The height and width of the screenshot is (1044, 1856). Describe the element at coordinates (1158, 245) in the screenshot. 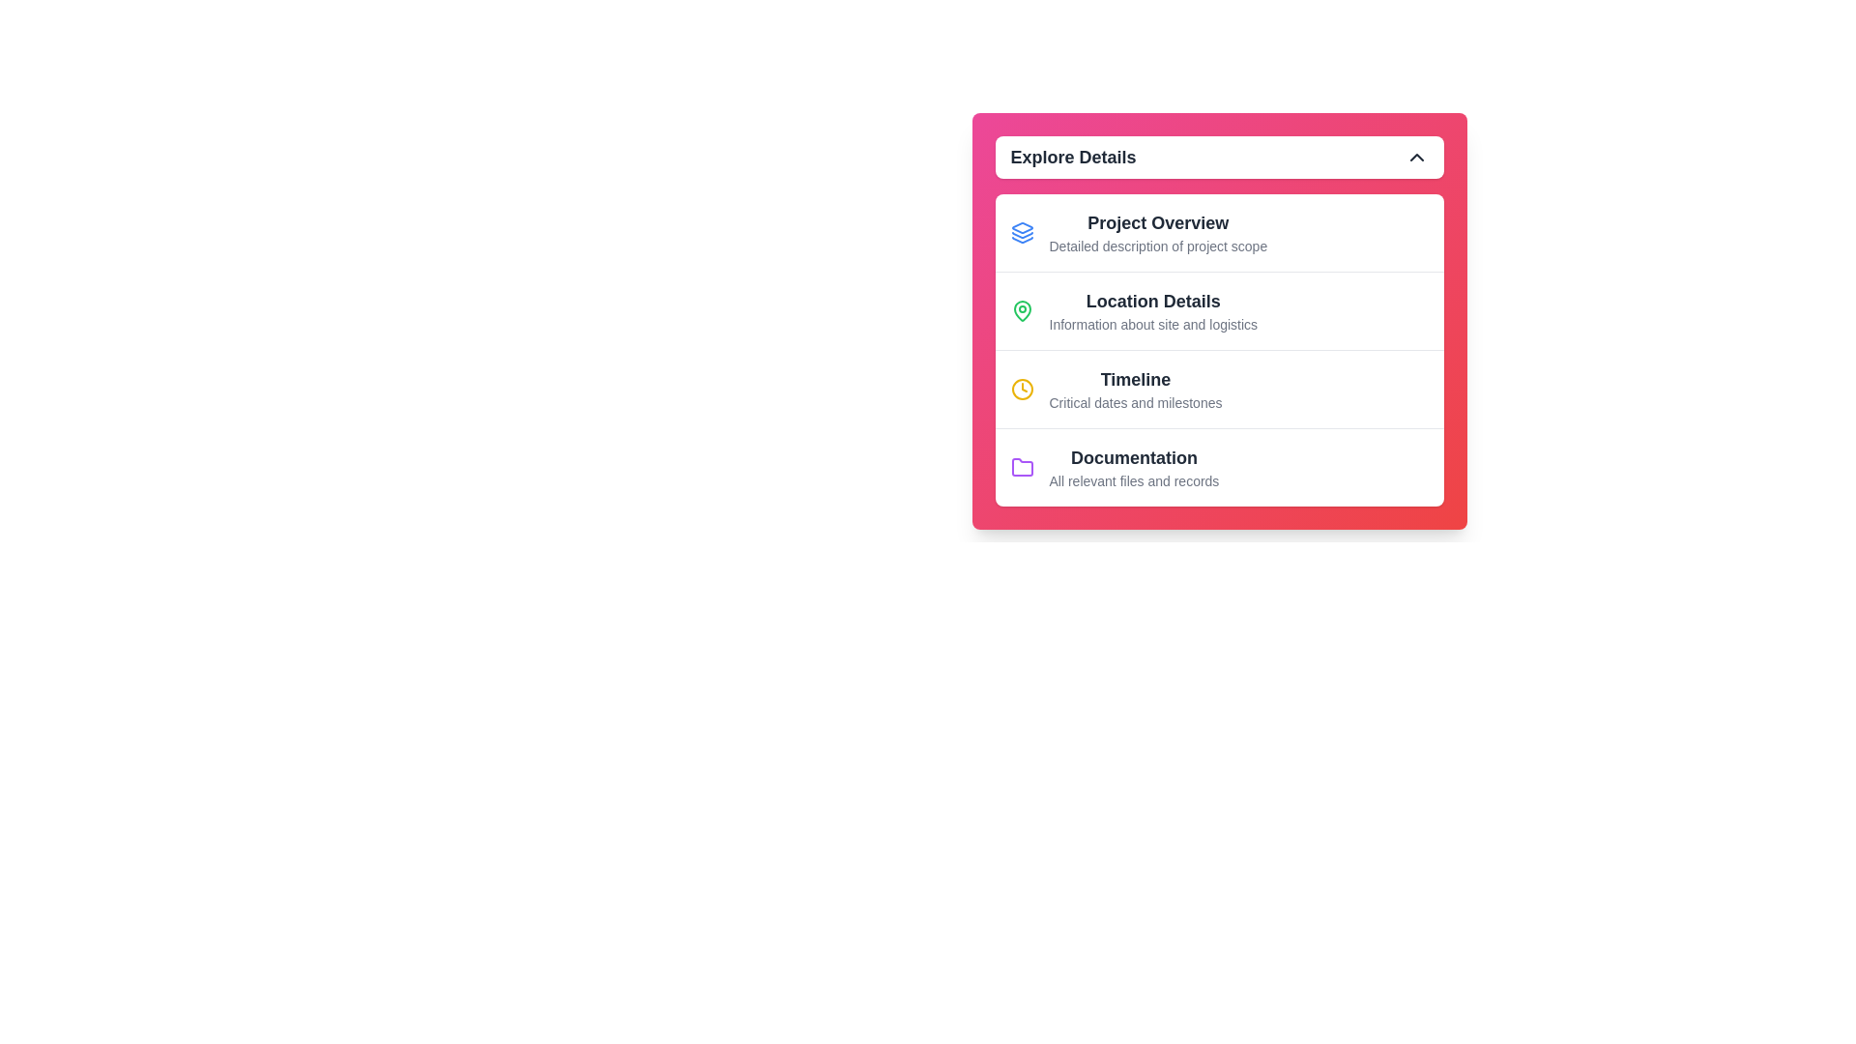

I see `text string 'Detailed description of project scope' located below the bold heading 'Project Overview' within the card titled 'Explore Details'` at that location.